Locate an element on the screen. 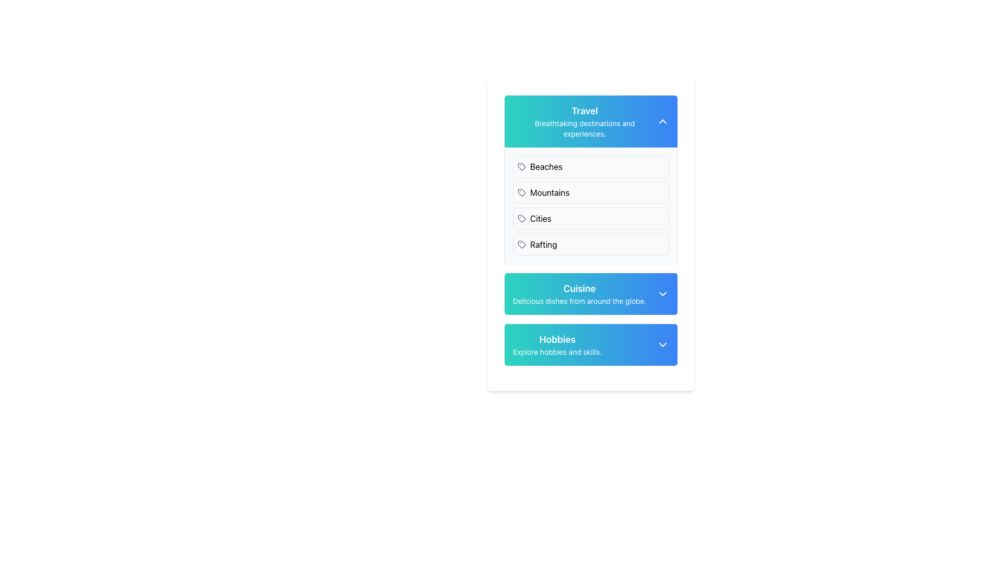 This screenshot has height=561, width=999. the tag icon located to the left of the text 'Rafting' in the third option under the 'Travel' section of the interface is located at coordinates (522, 244).